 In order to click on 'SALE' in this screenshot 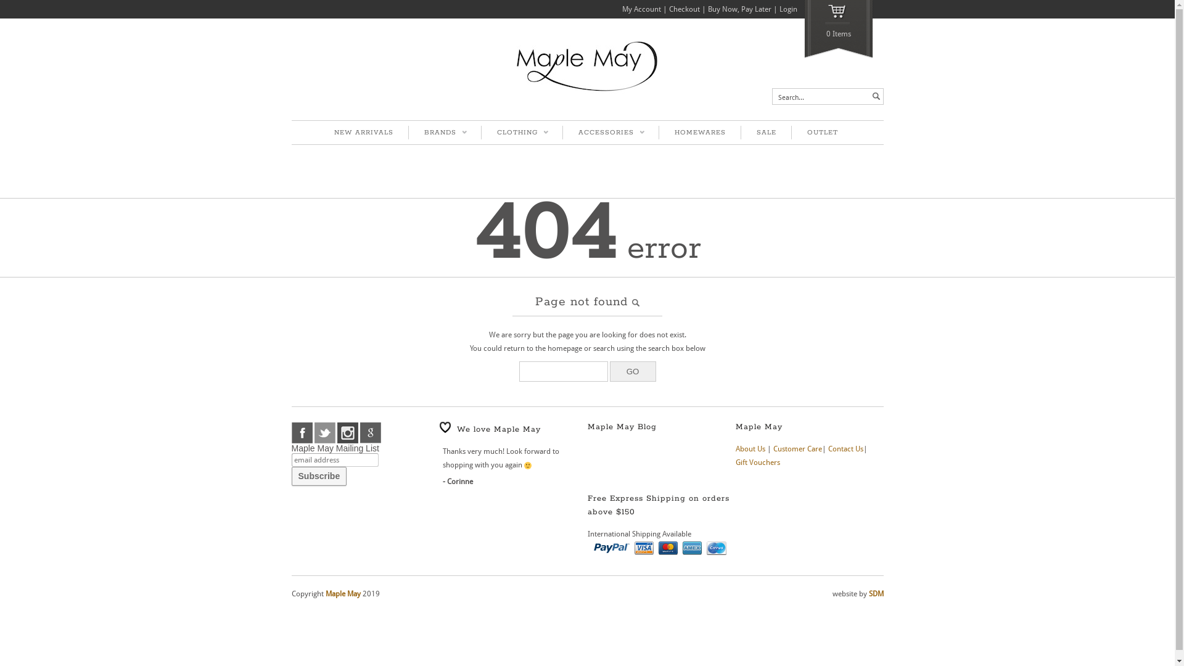, I will do `click(765, 133)`.